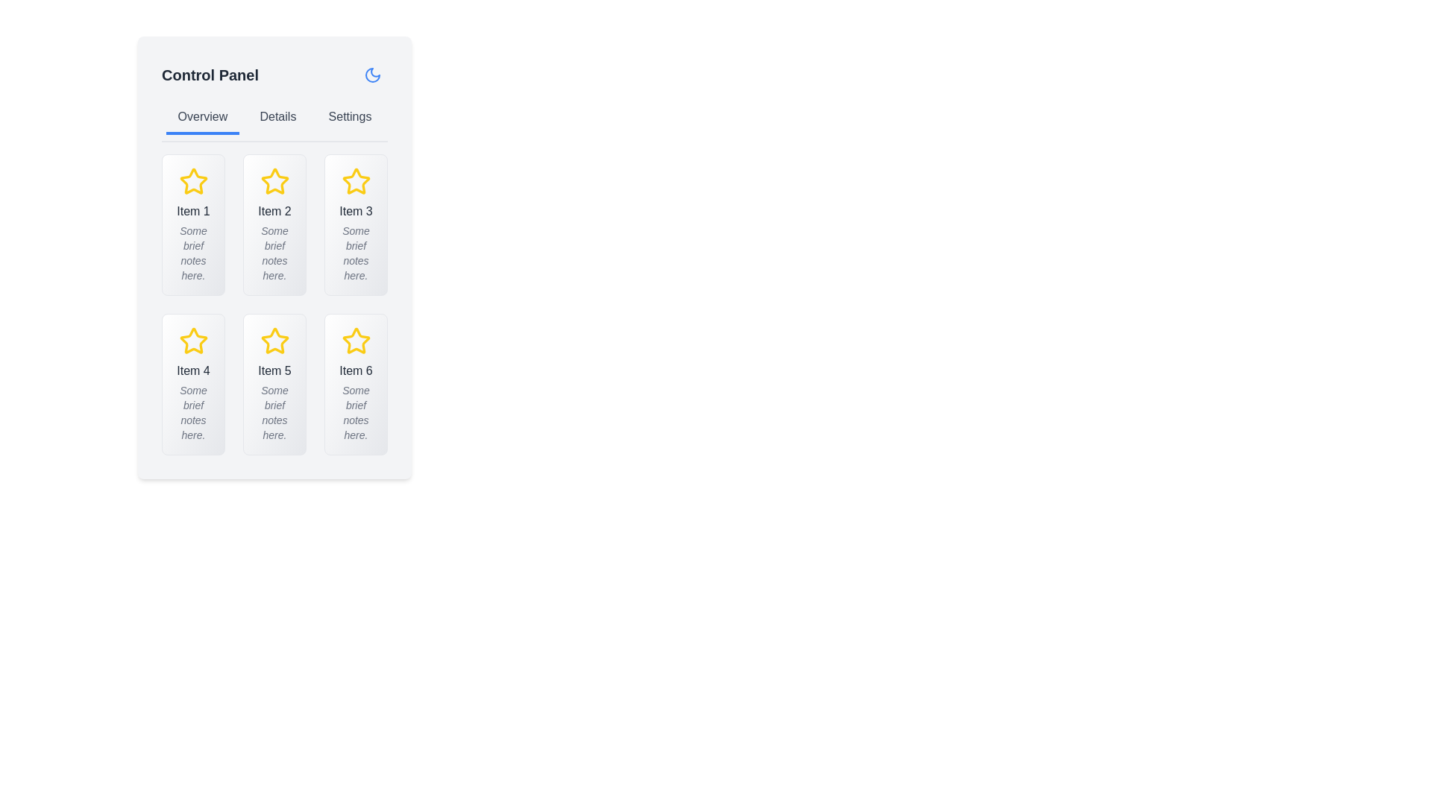  I want to click on the Card component displaying the title 'Item 3' and description 'Some brief notes here.' in the Control Panel under the 'Overview' tab, so click(355, 224).